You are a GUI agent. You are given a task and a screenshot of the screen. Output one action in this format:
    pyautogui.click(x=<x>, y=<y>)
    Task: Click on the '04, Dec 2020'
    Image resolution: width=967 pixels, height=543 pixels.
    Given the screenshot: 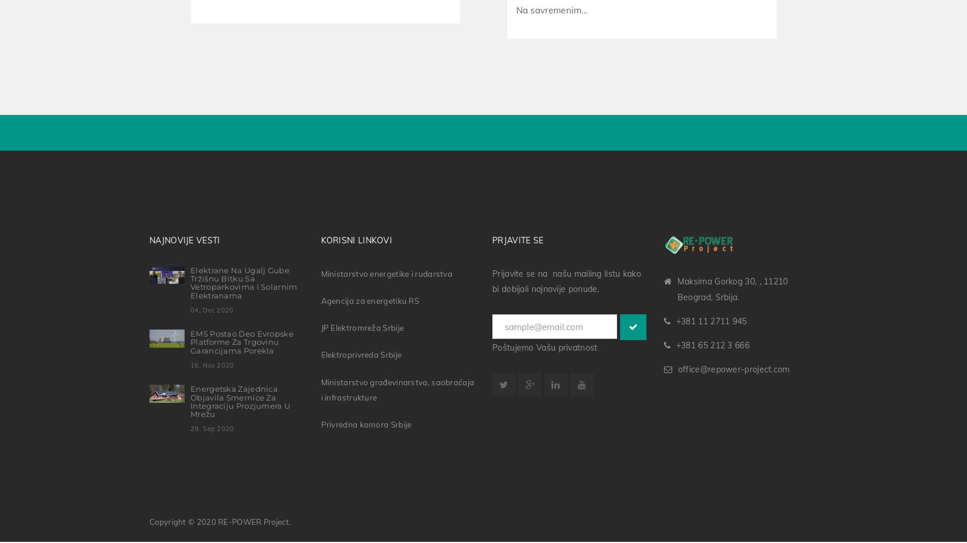 What is the action you would take?
    pyautogui.click(x=212, y=307)
    